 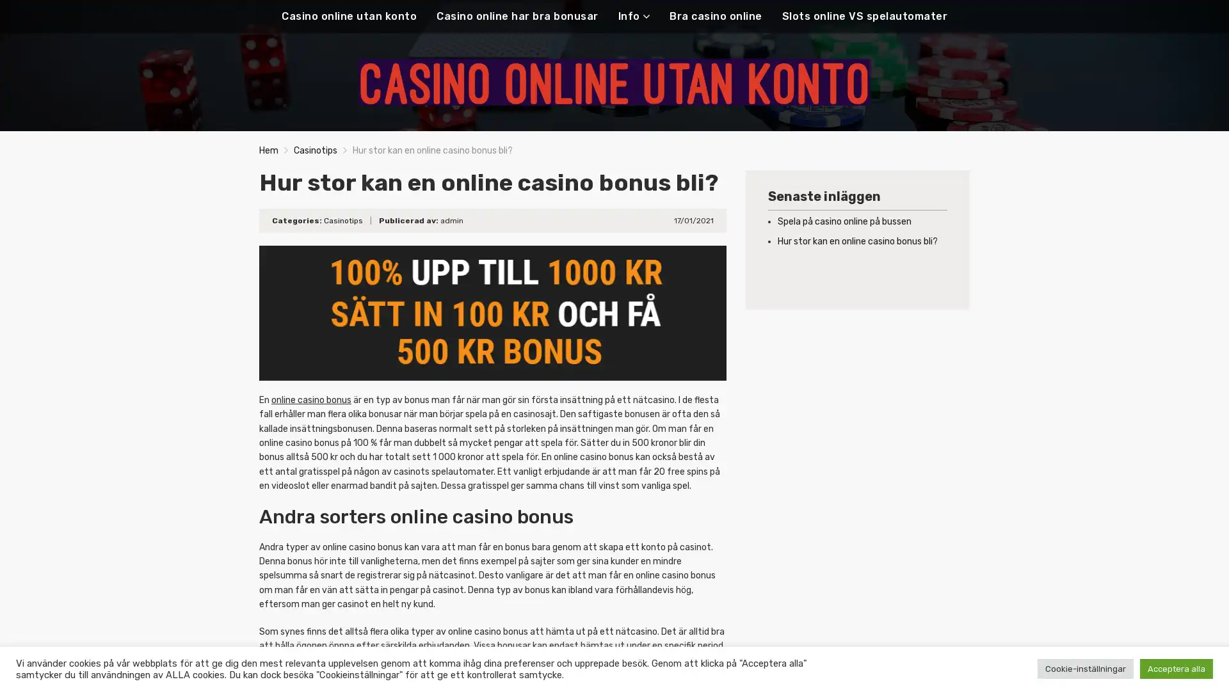 I want to click on Cookie-installningar, so click(x=1084, y=668).